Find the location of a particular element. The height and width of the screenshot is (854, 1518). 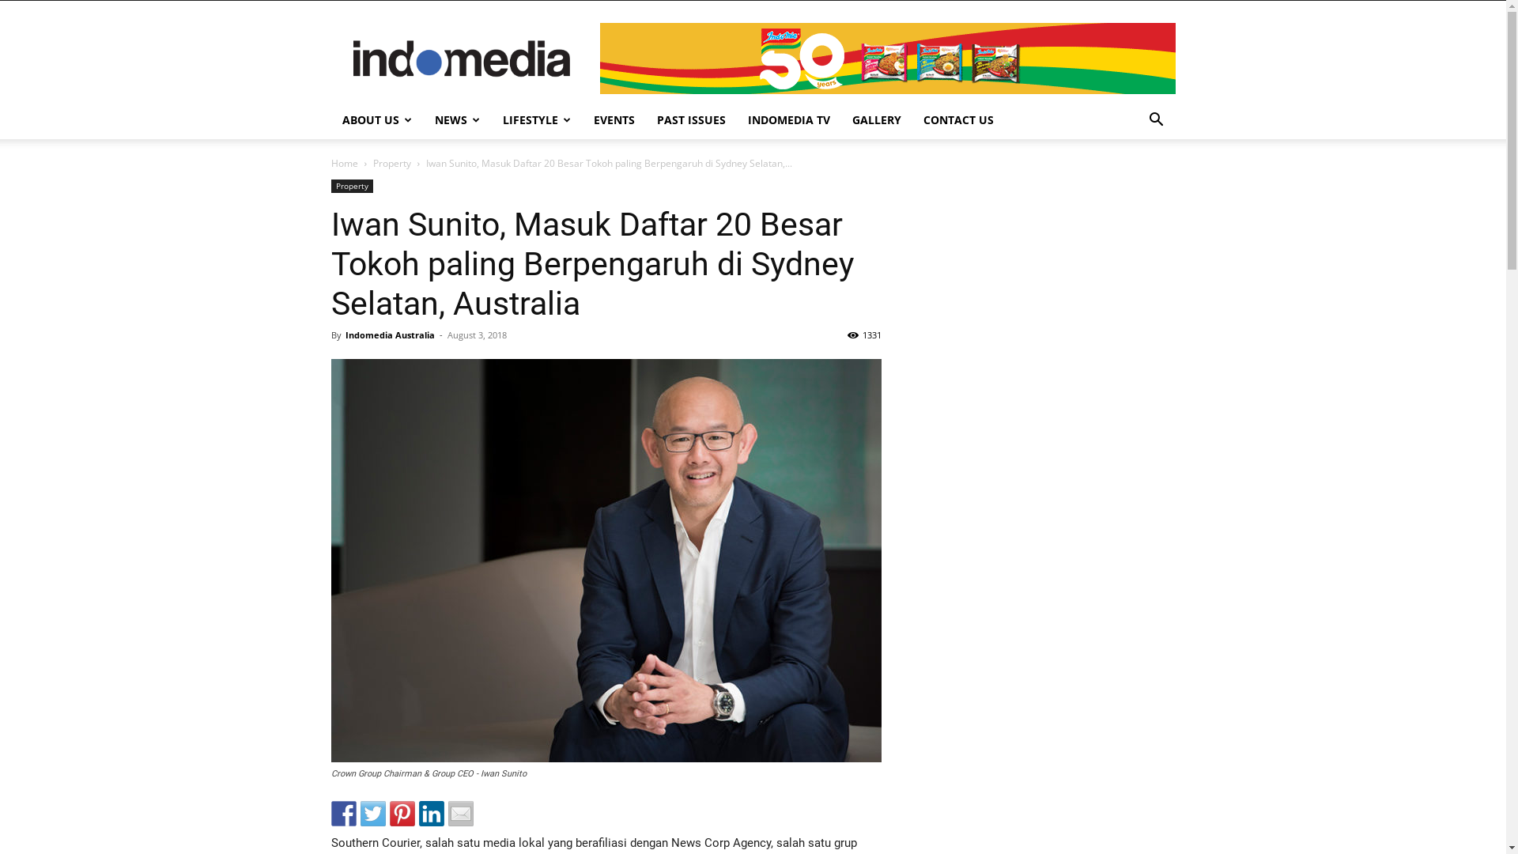

'PAST ISSUES' is located at coordinates (690, 119).